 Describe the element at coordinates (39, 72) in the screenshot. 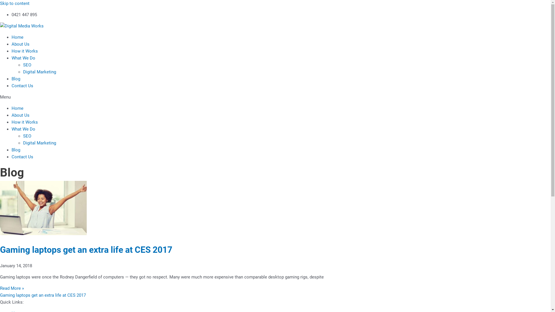

I see `'Digital Marketing'` at that location.